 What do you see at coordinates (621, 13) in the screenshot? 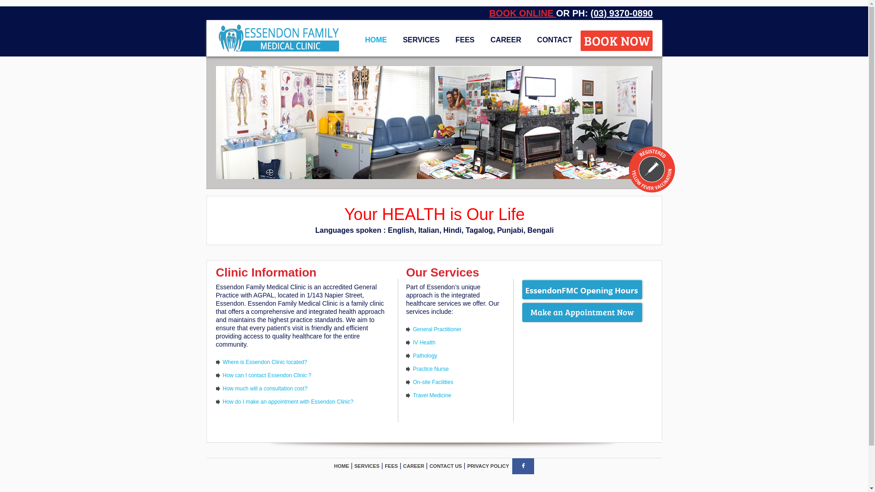
I see `'(03) 9370-0890'` at bounding box center [621, 13].